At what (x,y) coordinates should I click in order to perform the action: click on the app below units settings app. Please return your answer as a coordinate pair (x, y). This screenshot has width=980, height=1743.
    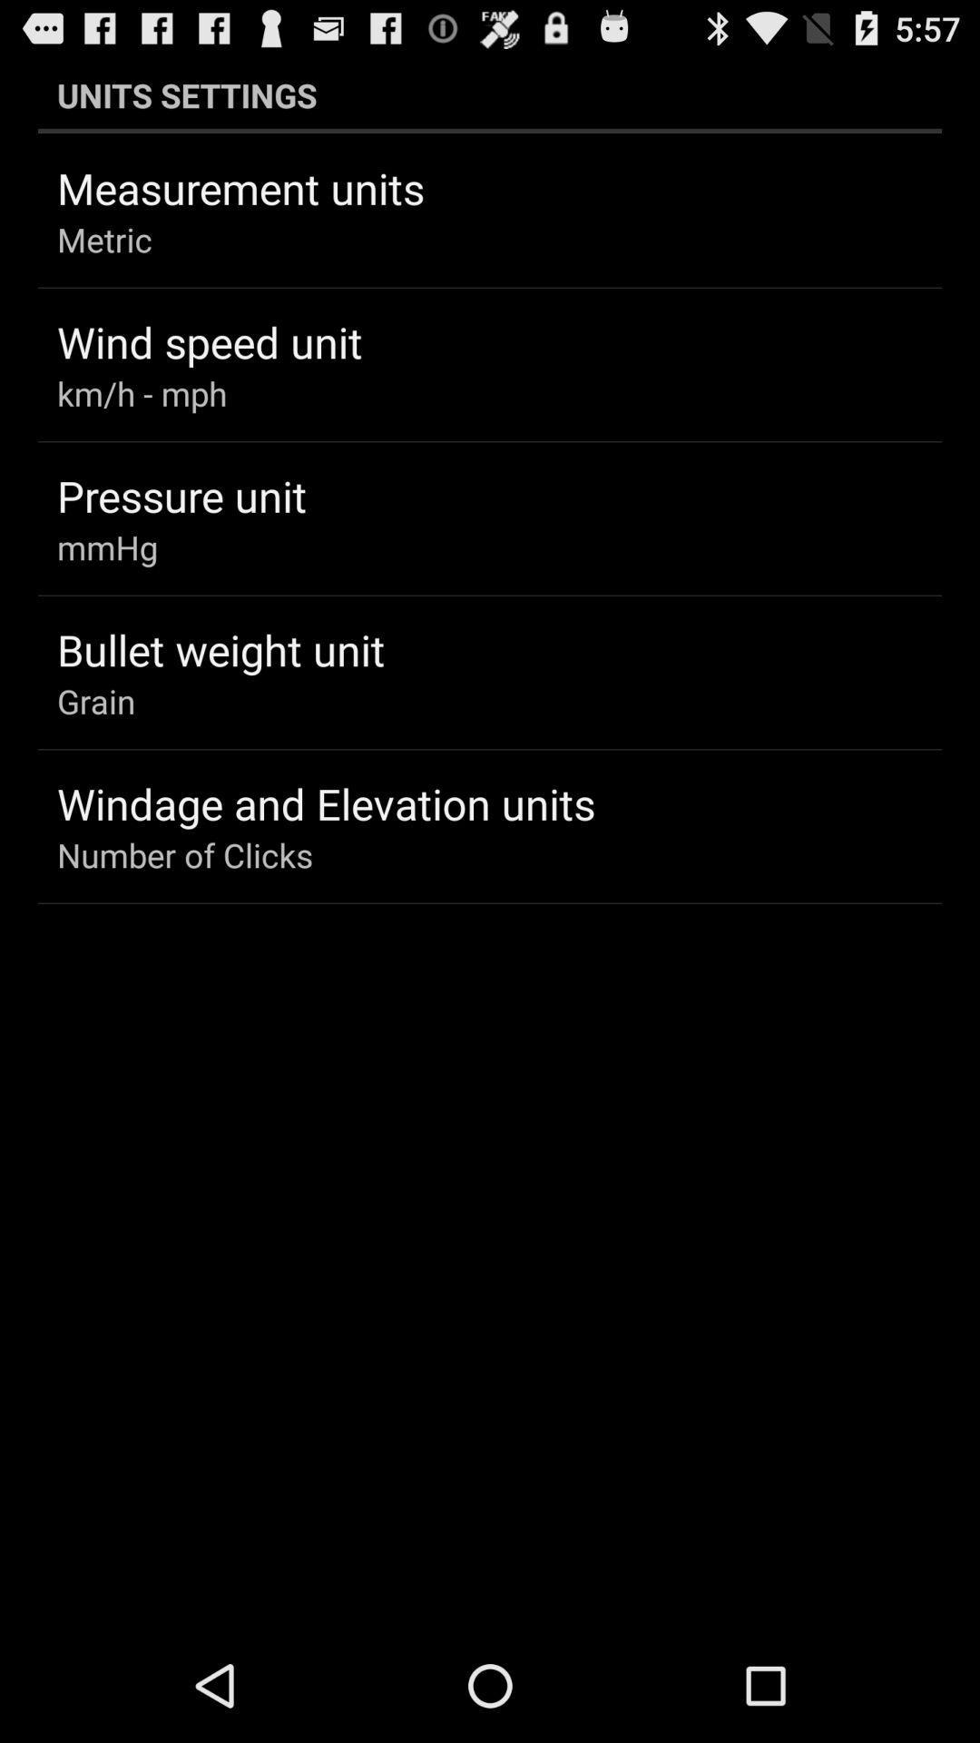
    Looking at the image, I should click on (240, 188).